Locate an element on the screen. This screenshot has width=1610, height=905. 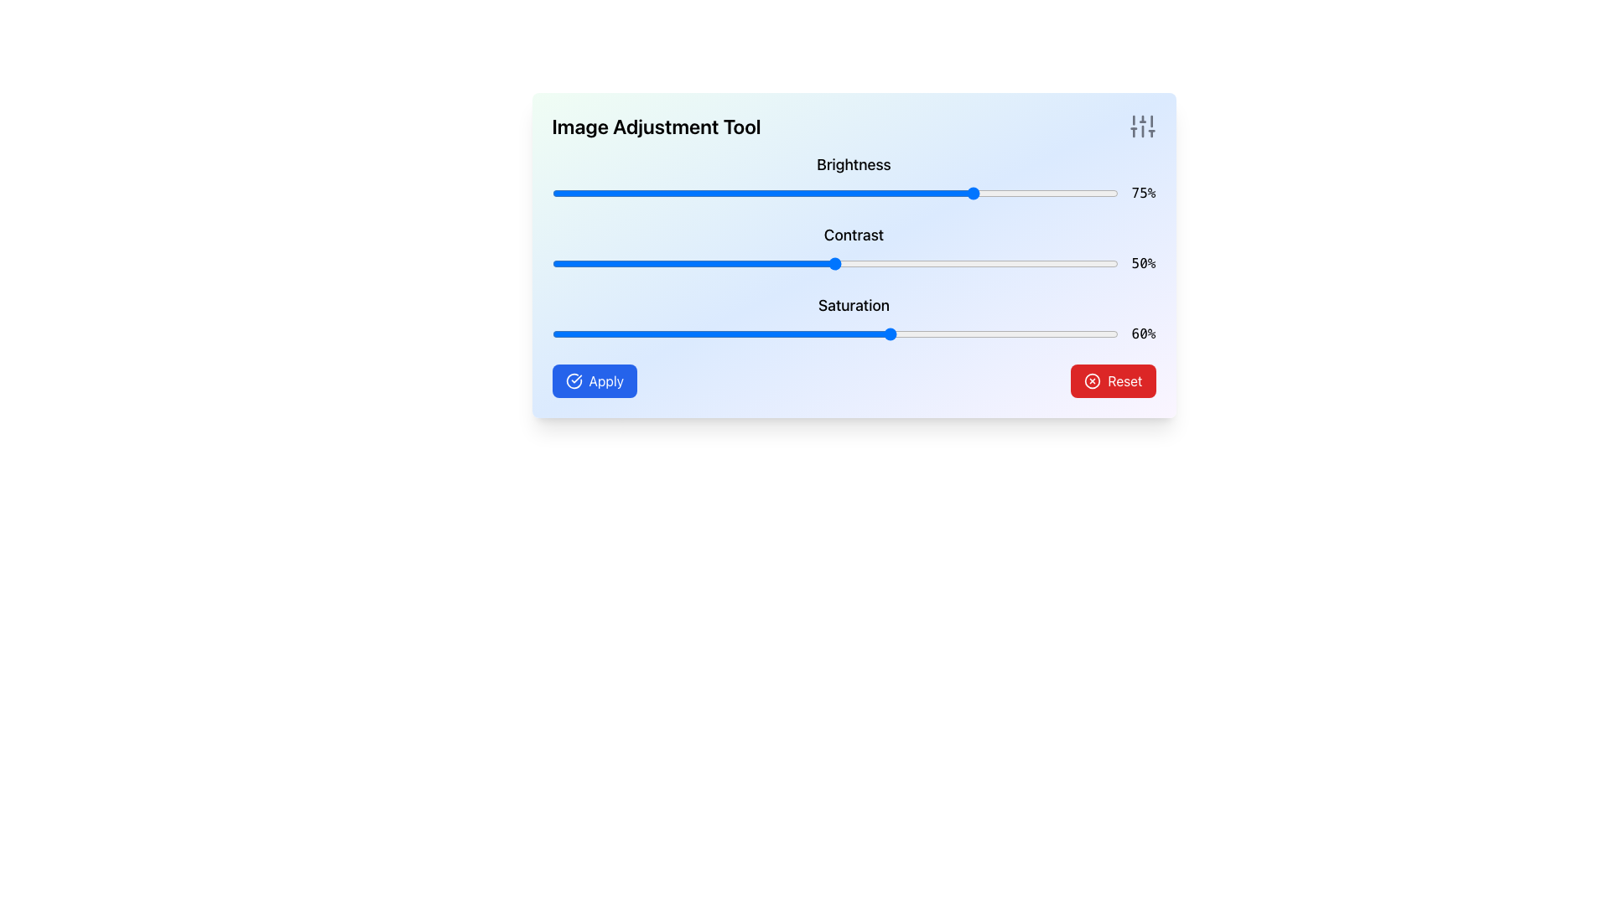
the brightness is located at coordinates (671, 193).